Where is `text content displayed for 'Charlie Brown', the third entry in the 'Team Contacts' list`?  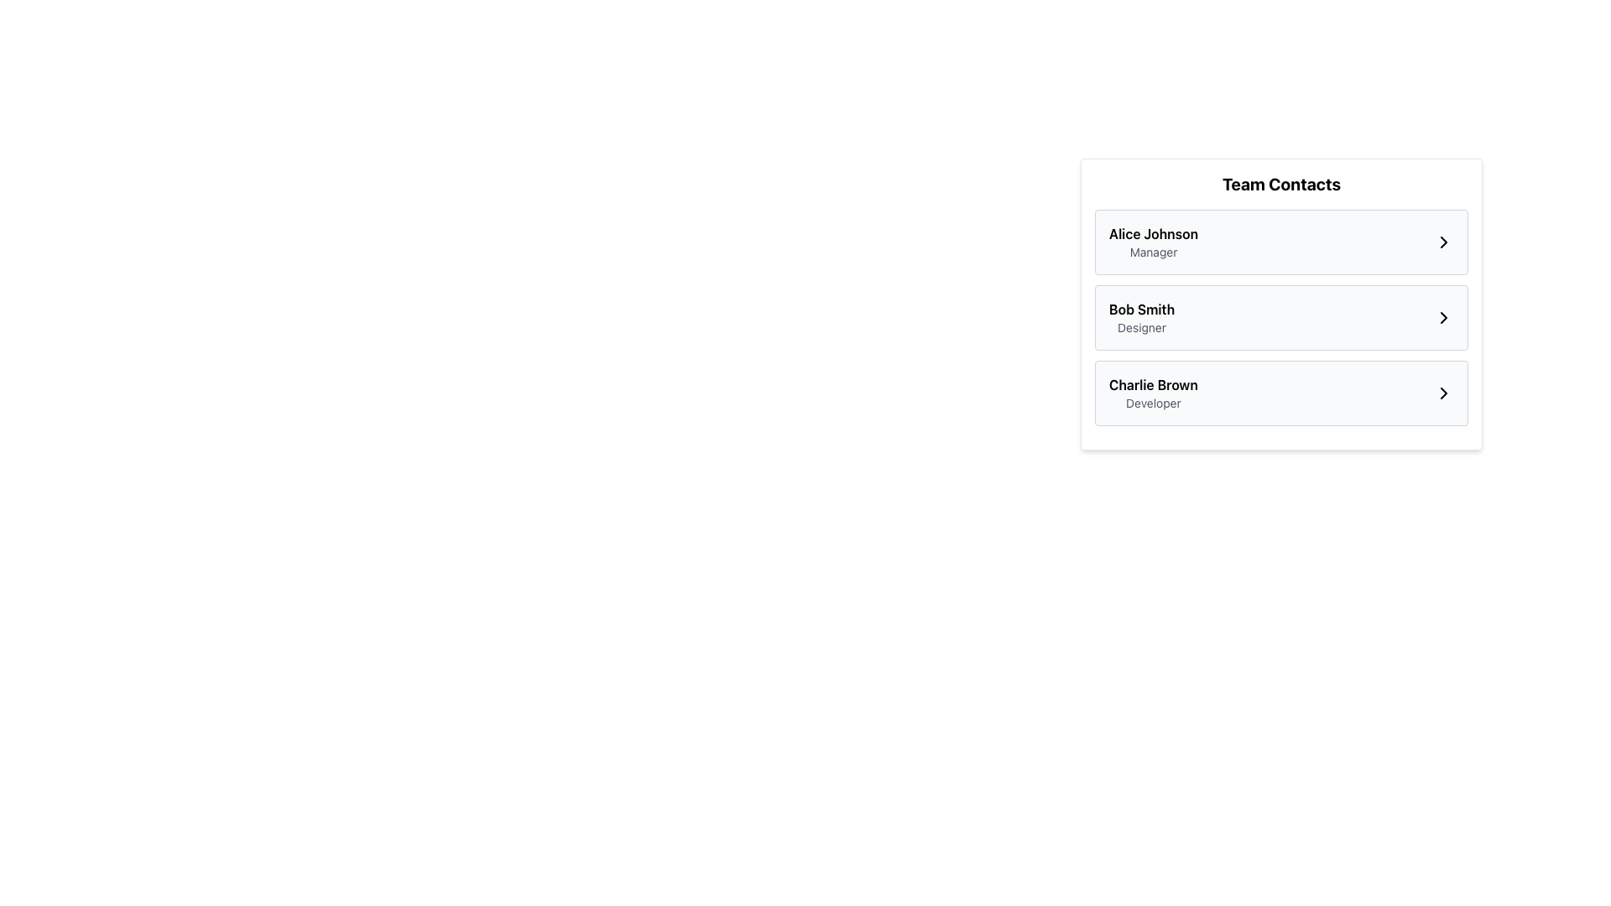 text content displayed for 'Charlie Brown', the third entry in the 'Team Contacts' list is located at coordinates (1152, 393).